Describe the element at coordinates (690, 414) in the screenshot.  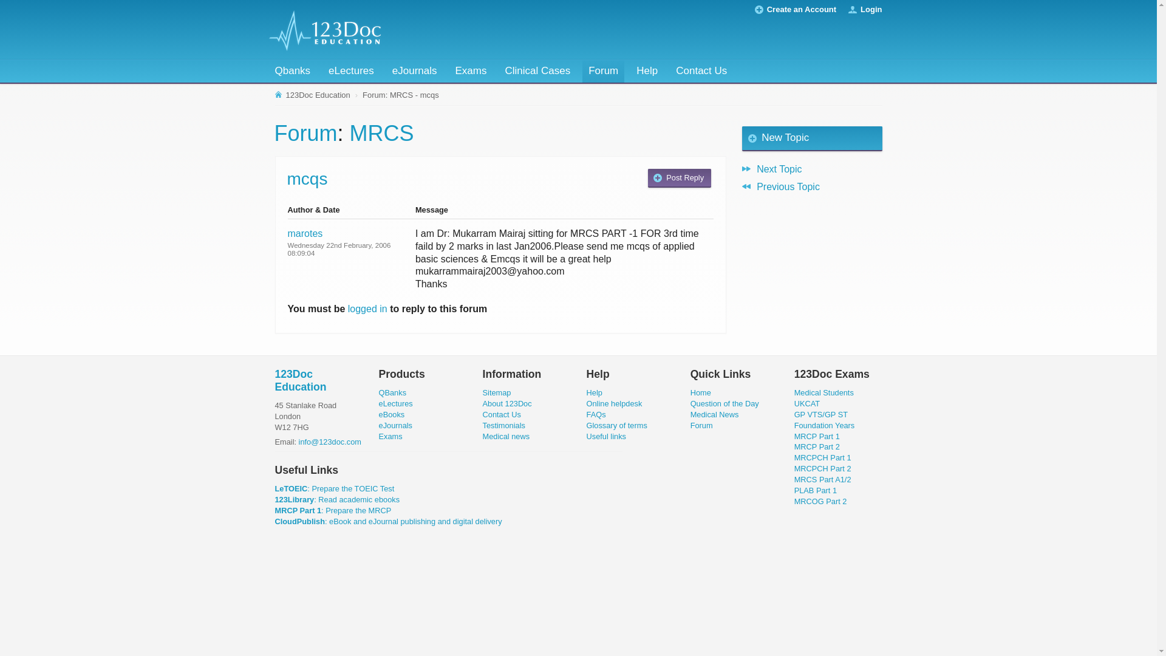
I see `'Medical News'` at that location.